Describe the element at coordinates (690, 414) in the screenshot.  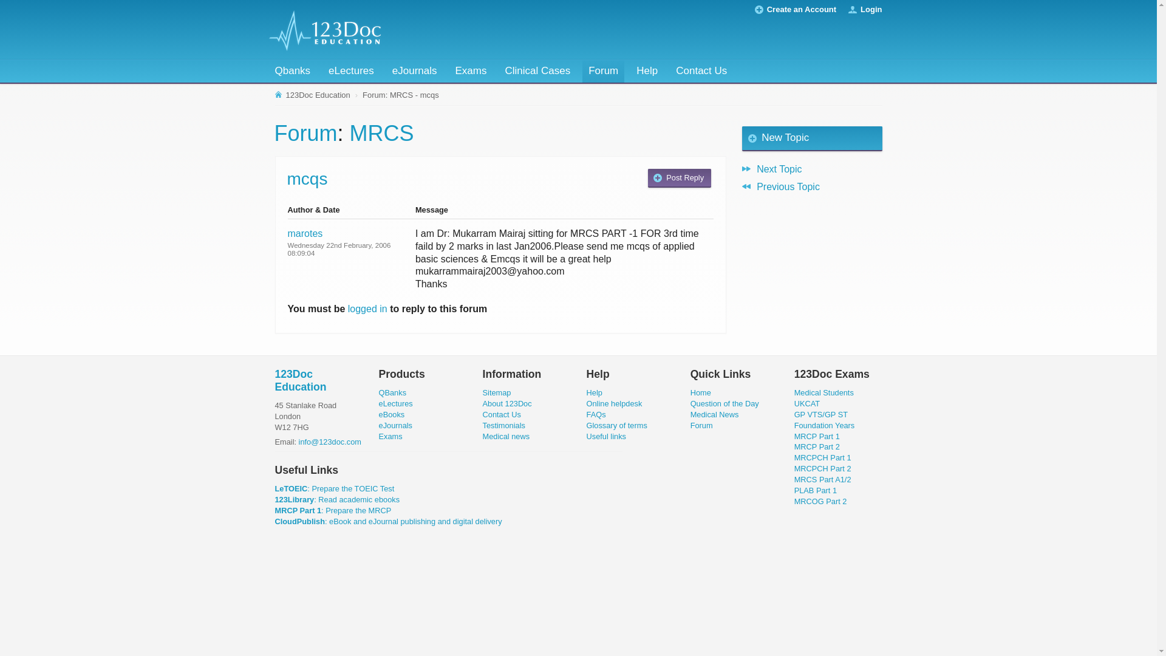
I see `'Medical News'` at that location.